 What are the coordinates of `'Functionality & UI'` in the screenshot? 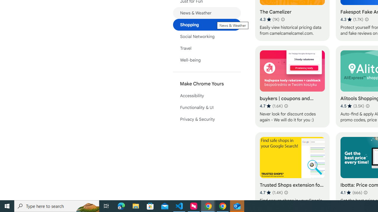 It's located at (207, 107).